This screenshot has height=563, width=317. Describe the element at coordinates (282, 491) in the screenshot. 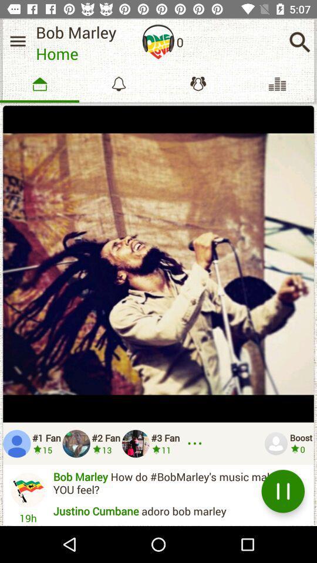

I see `the pause symbol` at that location.